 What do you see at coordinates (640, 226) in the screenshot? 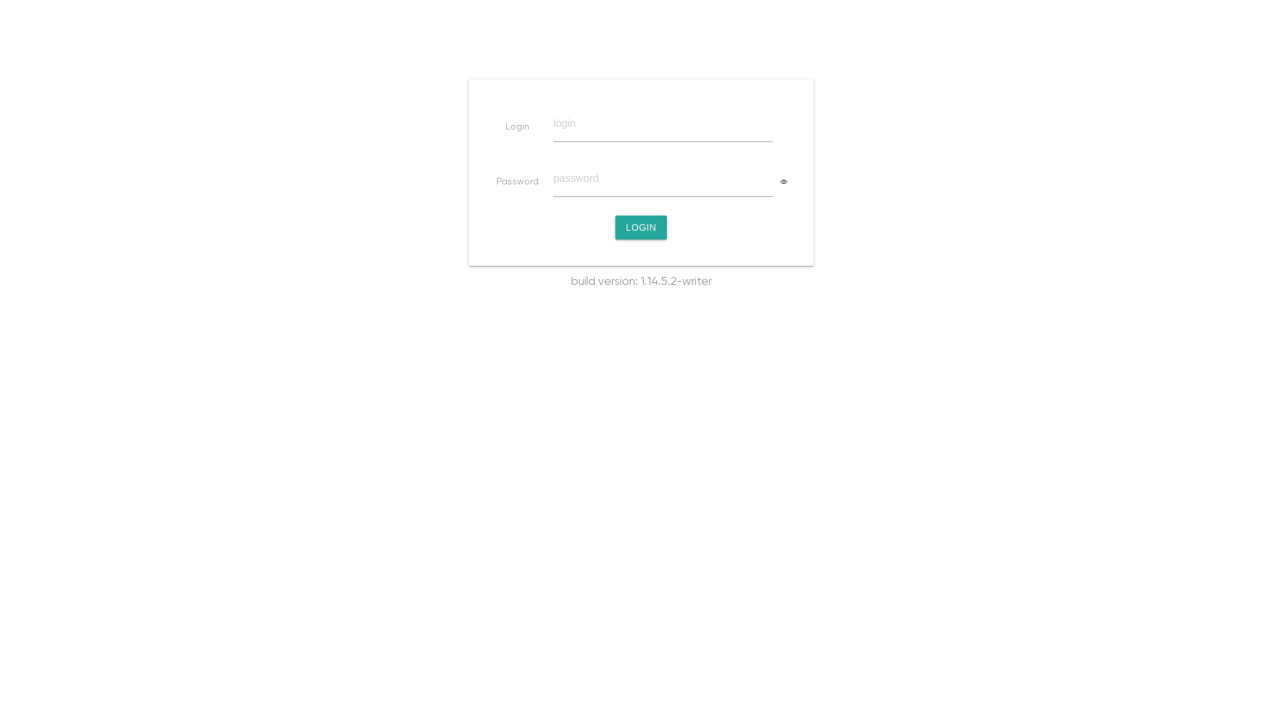
I see `'LOGIN'` at bounding box center [640, 226].